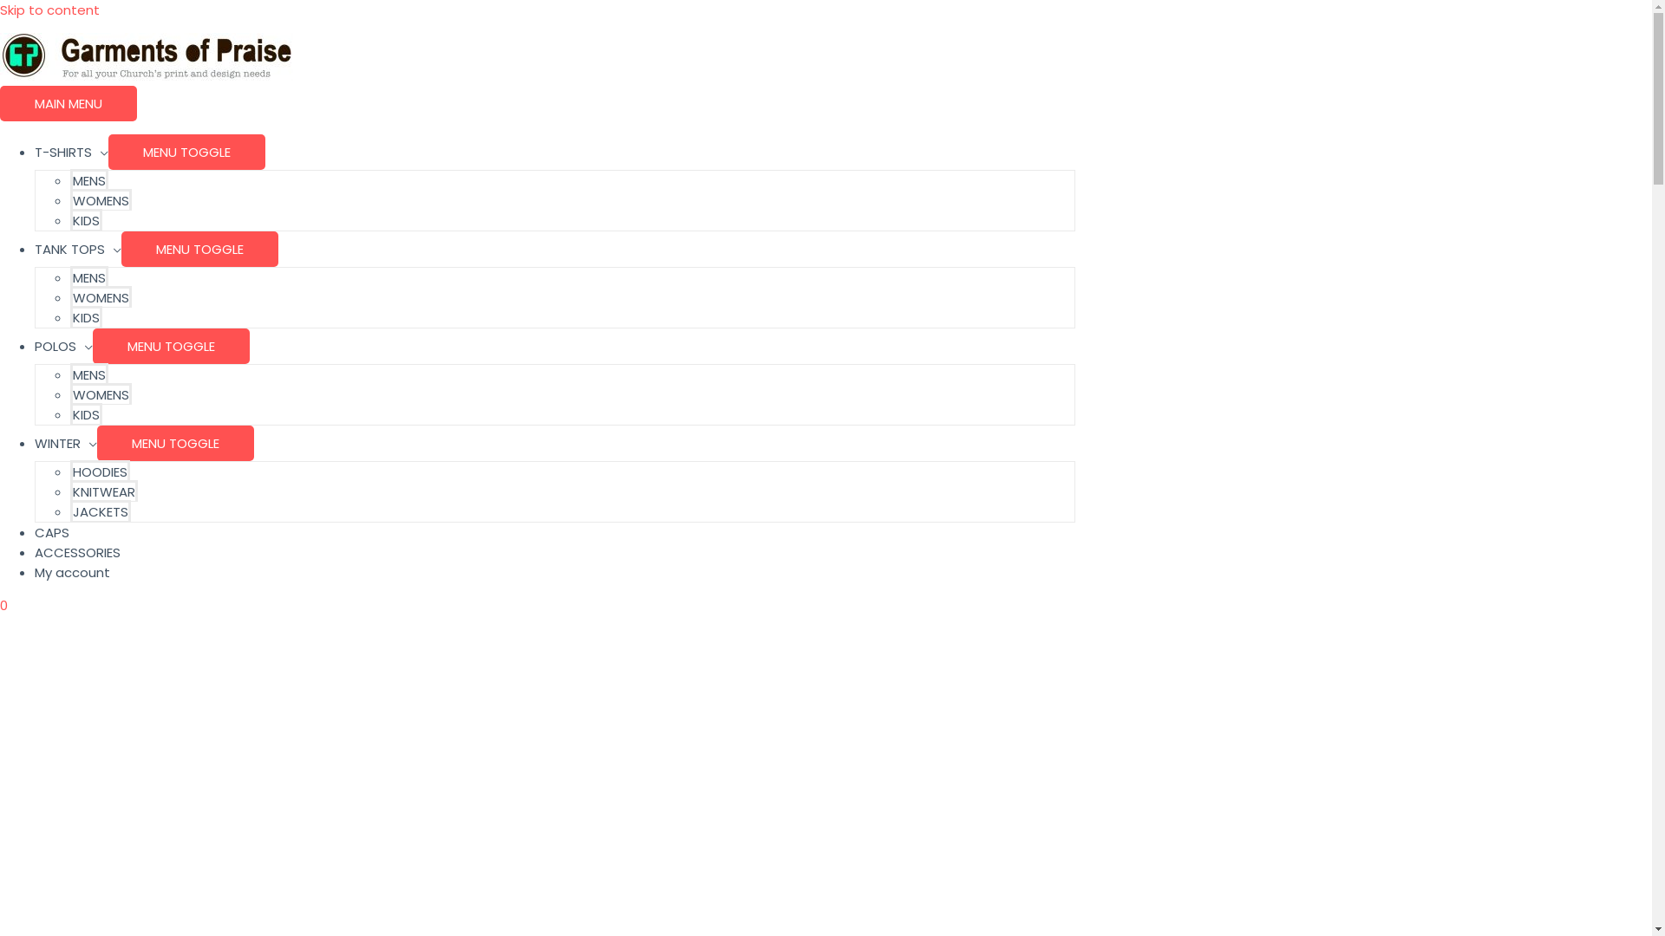 This screenshot has height=936, width=1665. What do you see at coordinates (88, 276) in the screenshot?
I see `'MENS'` at bounding box center [88, 276].